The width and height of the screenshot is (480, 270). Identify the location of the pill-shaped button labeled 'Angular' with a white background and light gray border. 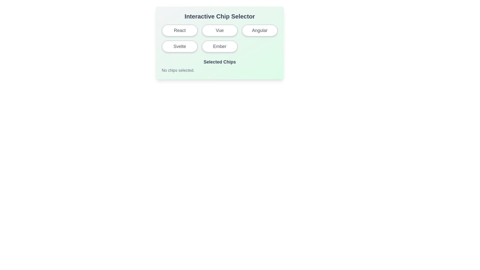
(259, 30).